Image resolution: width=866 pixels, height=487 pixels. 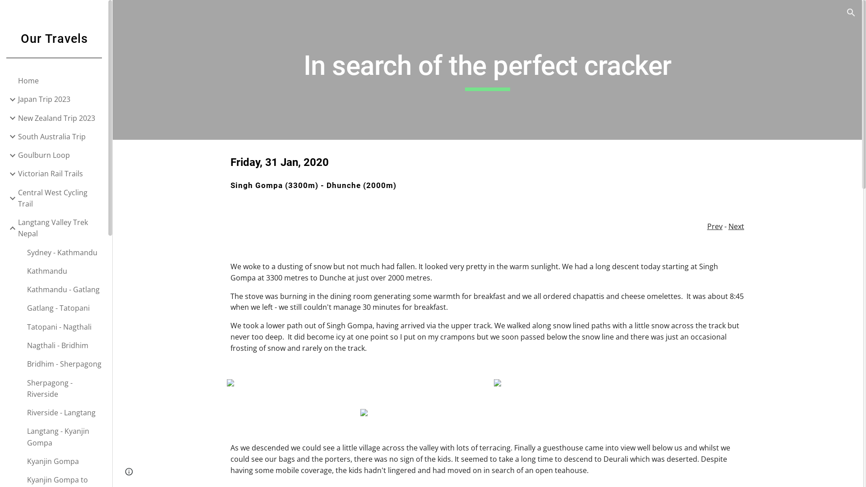 What do you see at coordinates (10, 155) in the screenshot?
I see `'Expand/Collapse'` at bounding box center [10, 155].